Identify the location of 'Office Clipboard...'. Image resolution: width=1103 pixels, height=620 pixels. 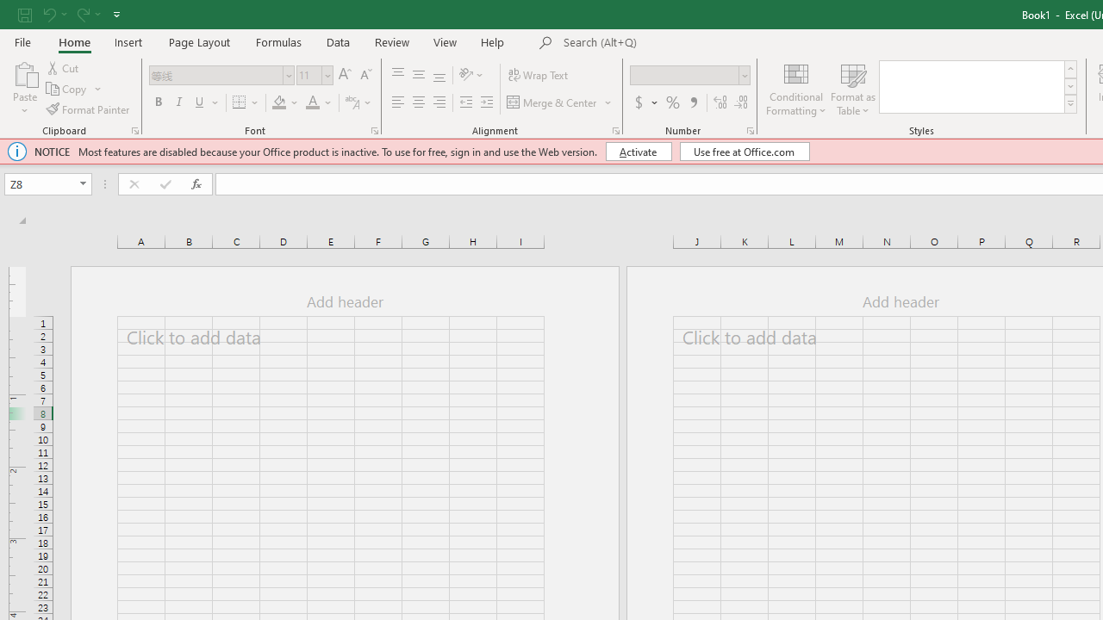
(134, 129).